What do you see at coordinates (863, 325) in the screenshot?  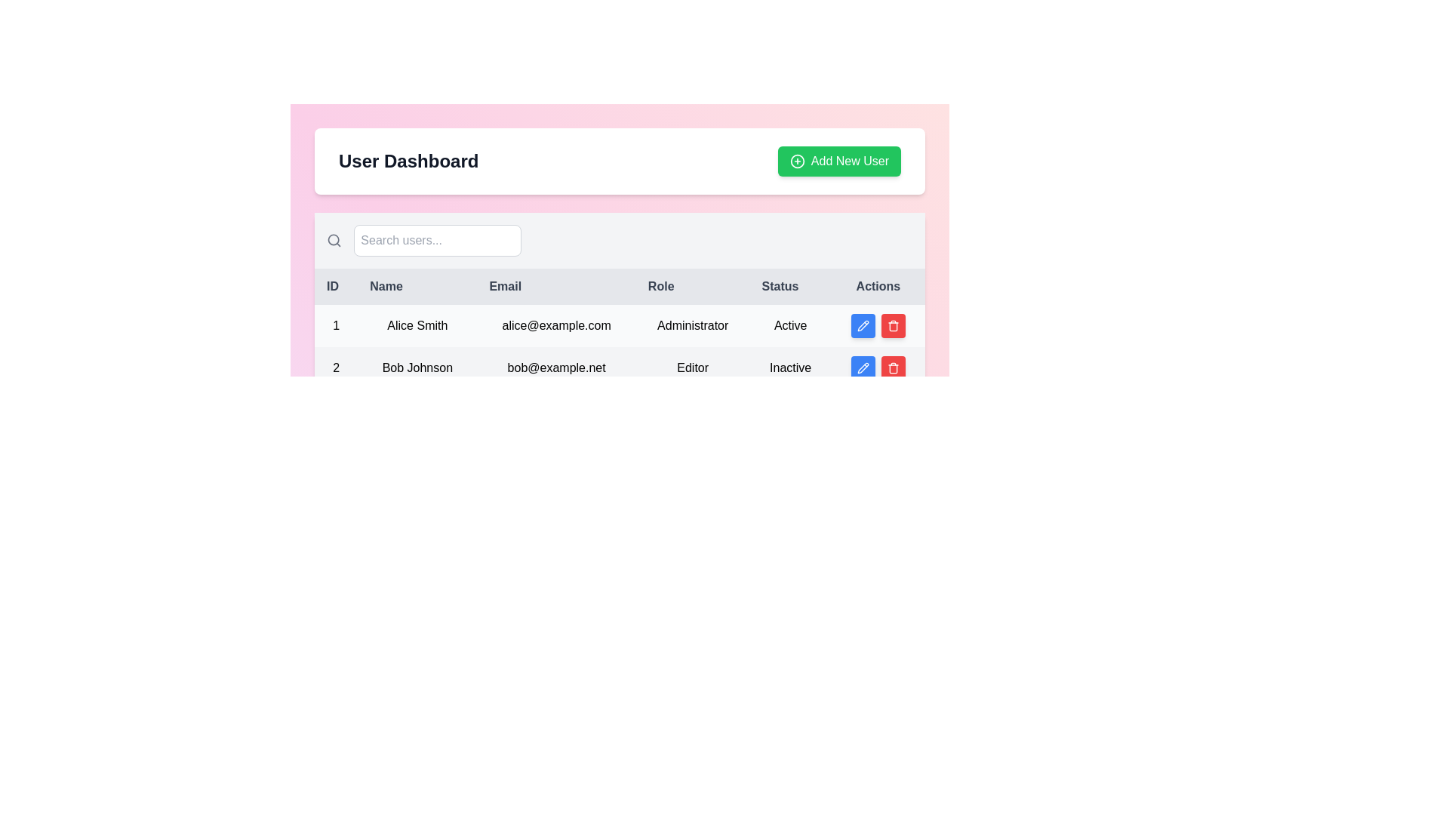 I see `the small blue circular icon with a white pencil graphic in the 'Actions' column of the second row in the user management table to initiate an edit operation for the user 'Bob Johnson'` at bounding box center [863, 325].